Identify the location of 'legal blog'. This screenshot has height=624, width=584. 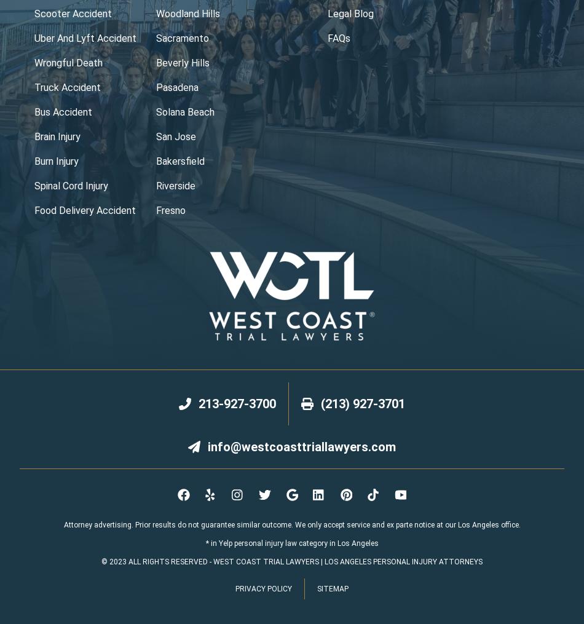
(328, 13).